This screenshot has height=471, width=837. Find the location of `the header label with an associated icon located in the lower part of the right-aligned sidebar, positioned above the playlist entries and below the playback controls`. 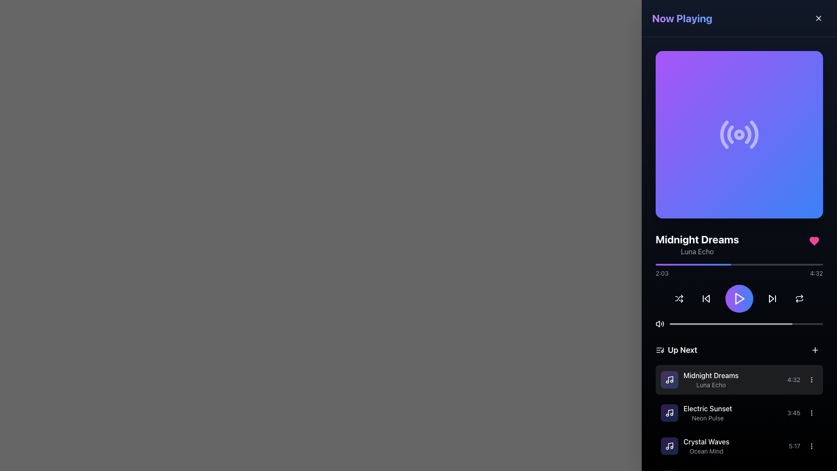

the header label with an associated icon located in the lower part of the right-aligned sidebar, positioned above the playlist entries and below the playback controls is located at coordinates (676, 349).